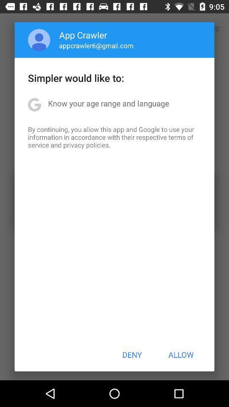 Image resolution: width=229 pixels, height=407 pixels. Describe the element at coordinates (109, 103) in the screenshot. I see `app below the simpler would like icon` at that location.